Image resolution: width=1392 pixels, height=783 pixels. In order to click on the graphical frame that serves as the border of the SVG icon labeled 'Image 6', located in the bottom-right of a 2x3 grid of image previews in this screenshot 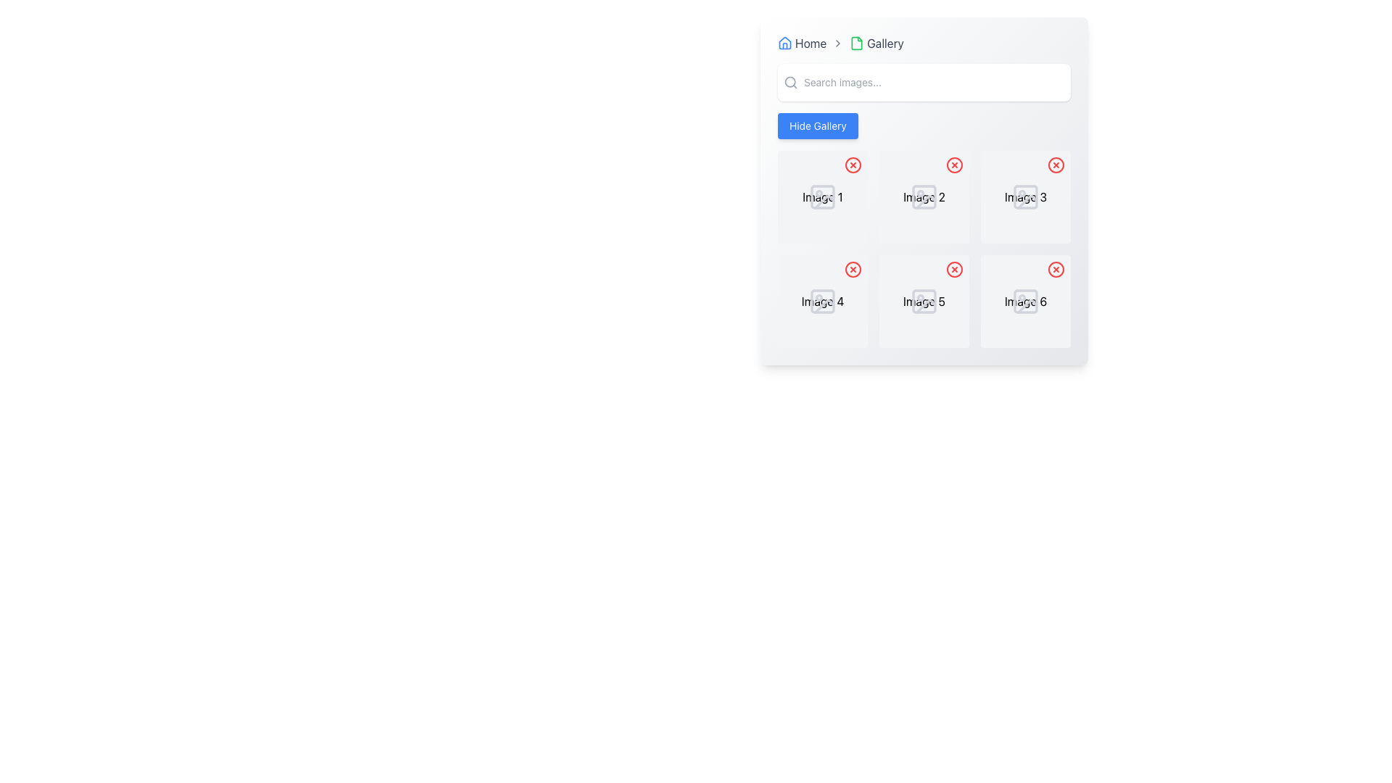, I will do `click(1025, 301)`.